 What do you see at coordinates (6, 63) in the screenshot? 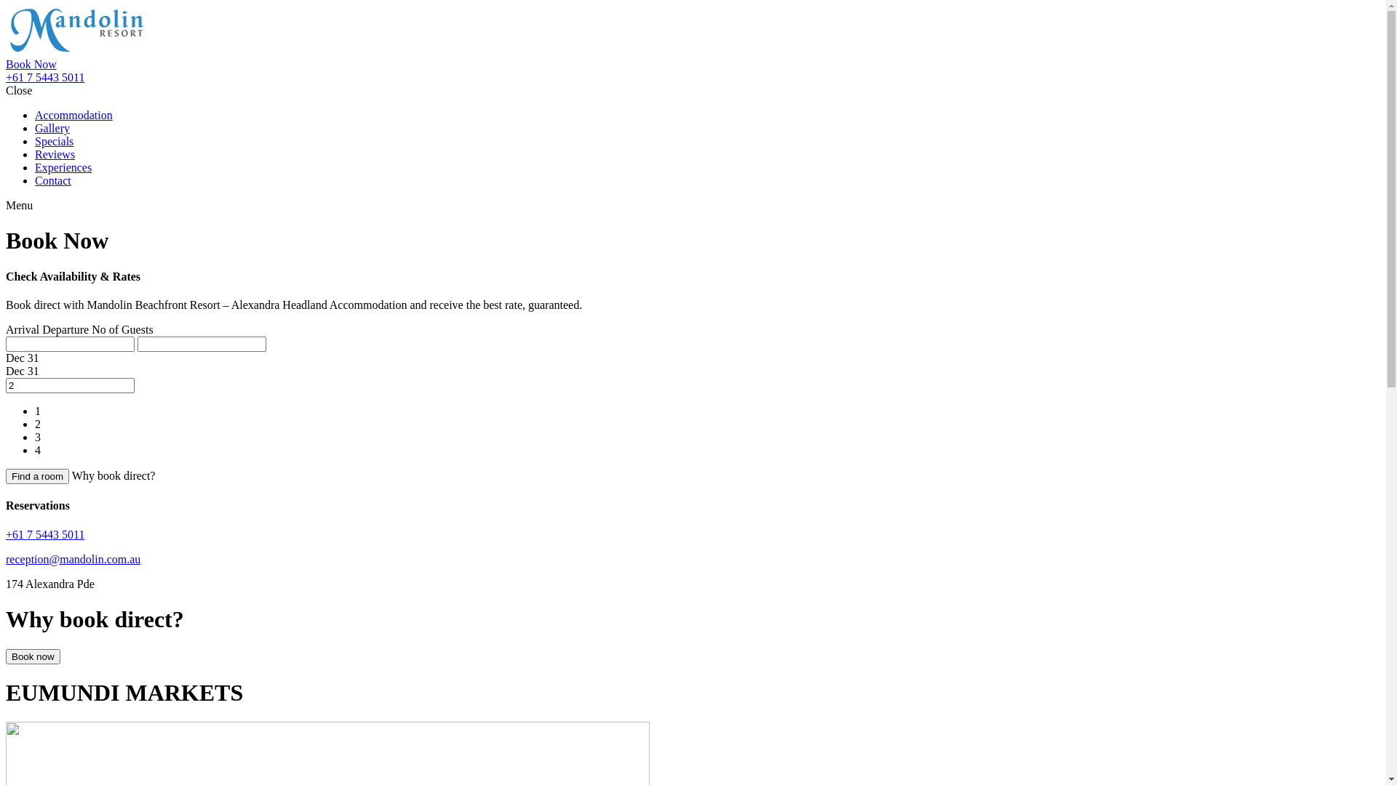
I see `'Book Now'` at bounding box center [6, 63].